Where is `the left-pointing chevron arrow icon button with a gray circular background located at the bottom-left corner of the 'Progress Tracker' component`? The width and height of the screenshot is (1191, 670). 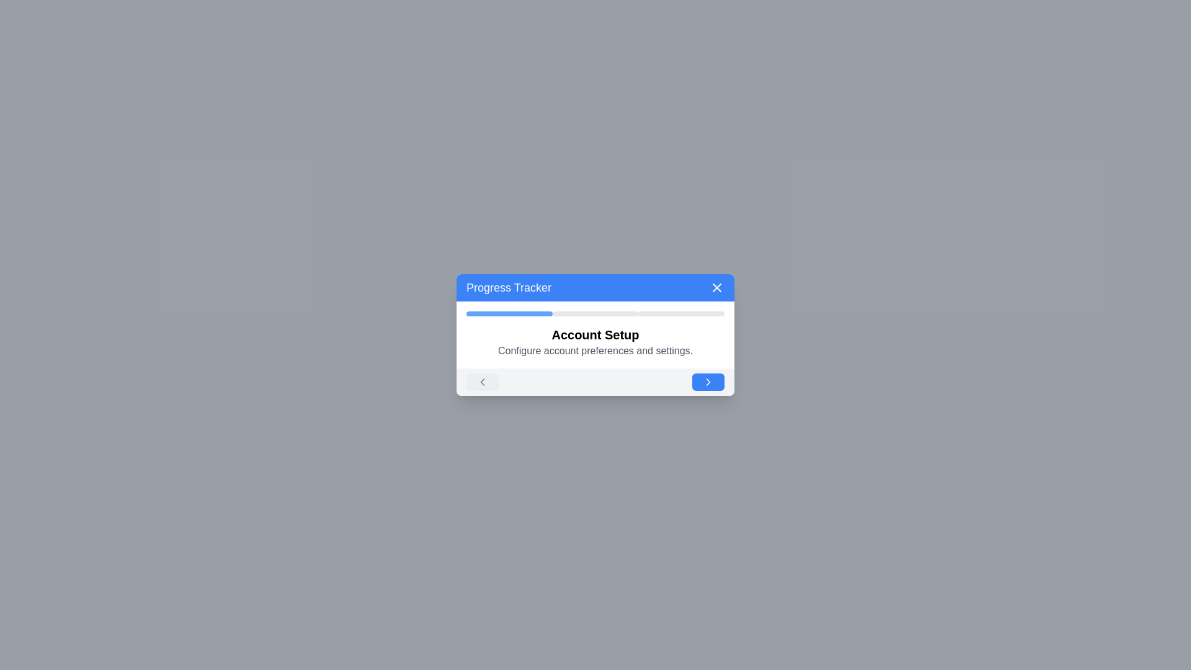 the left-pointing chevron arrow icon button with a gray circular background located at the bottom-left corner of the 'Progress Tracker' component is located at coordinates (481, 382).